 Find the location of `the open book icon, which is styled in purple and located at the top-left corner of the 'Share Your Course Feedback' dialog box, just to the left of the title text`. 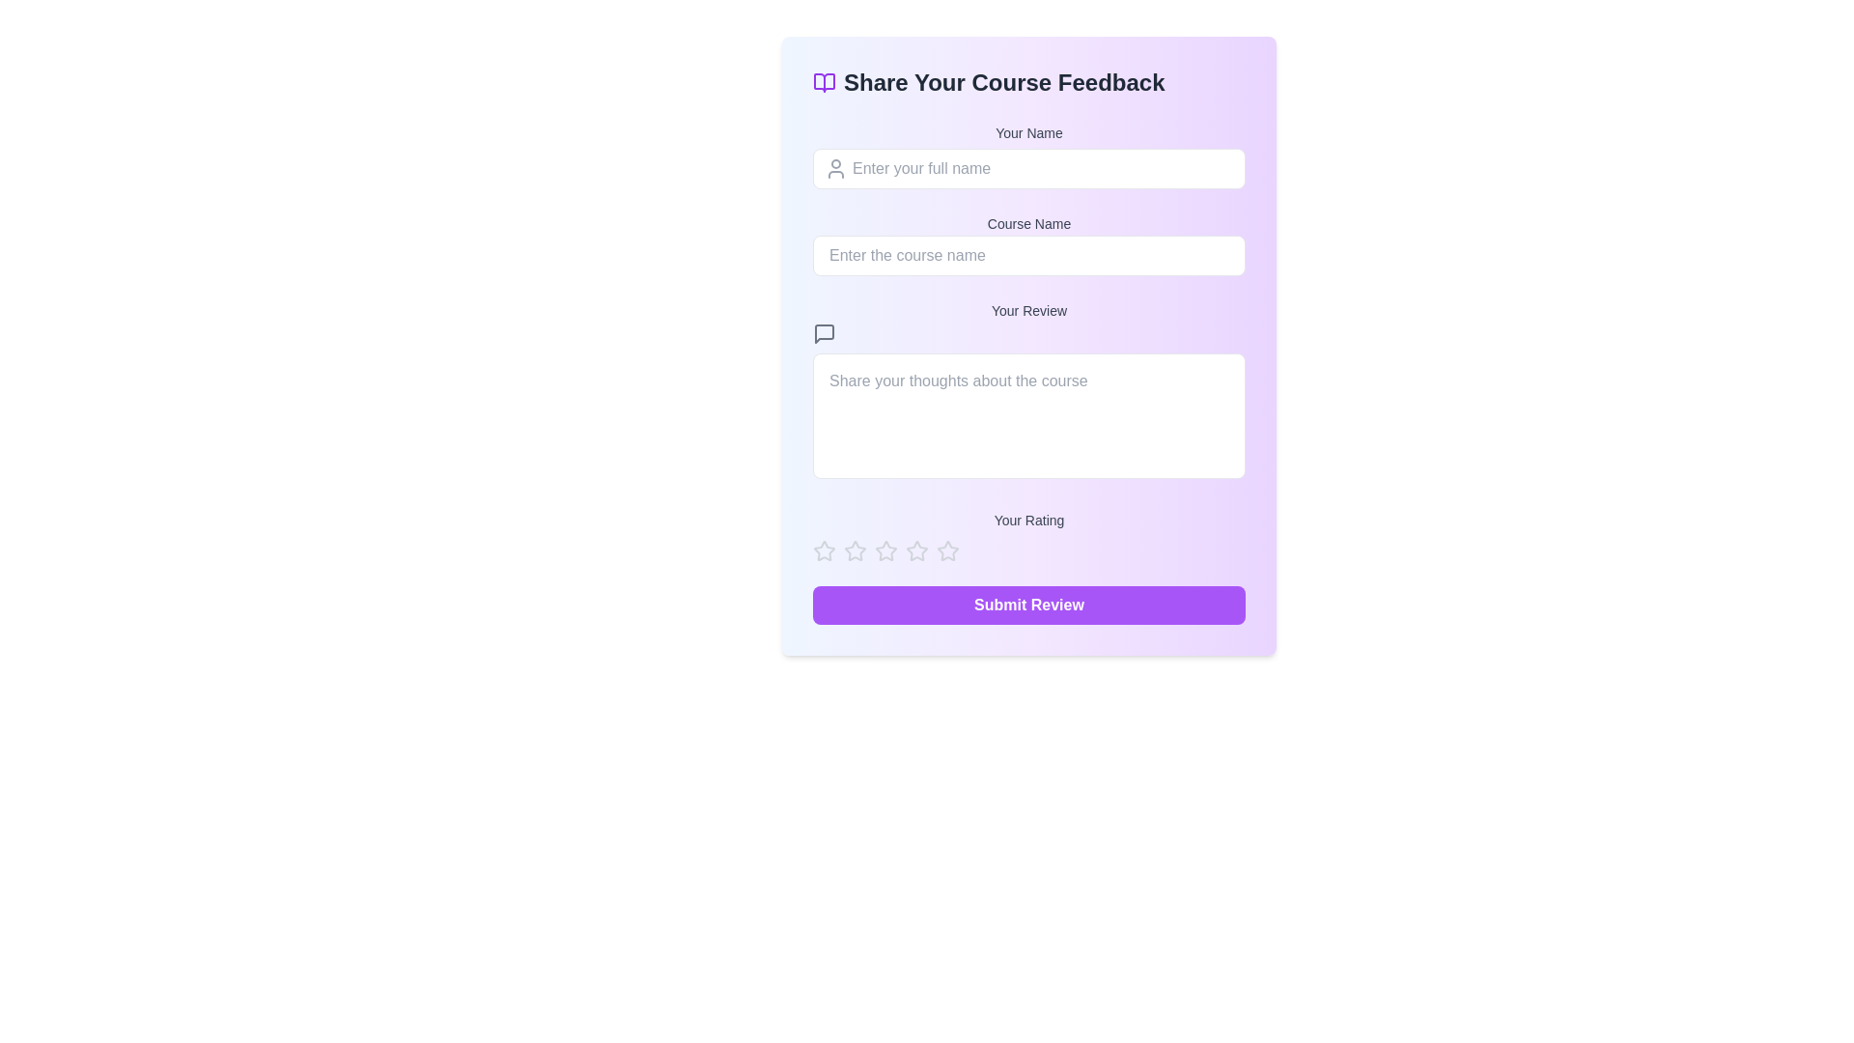

the open book icon, which is styled in purple and located at the top-left corner of the 'Share Your Course Feedback' dialog box, just to the left of the title text is located at coordinates (825, 81).